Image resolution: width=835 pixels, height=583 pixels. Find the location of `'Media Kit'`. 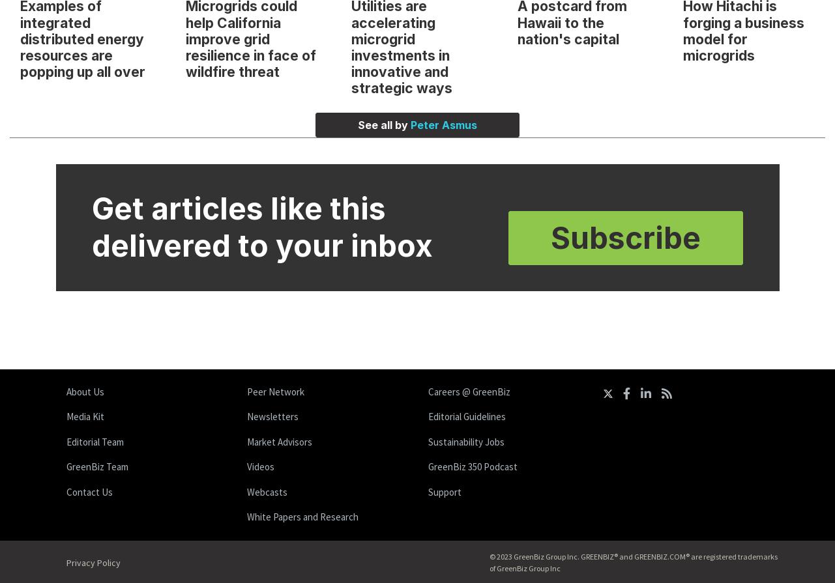

'Media Kit' is located at coordinates (84, 416).